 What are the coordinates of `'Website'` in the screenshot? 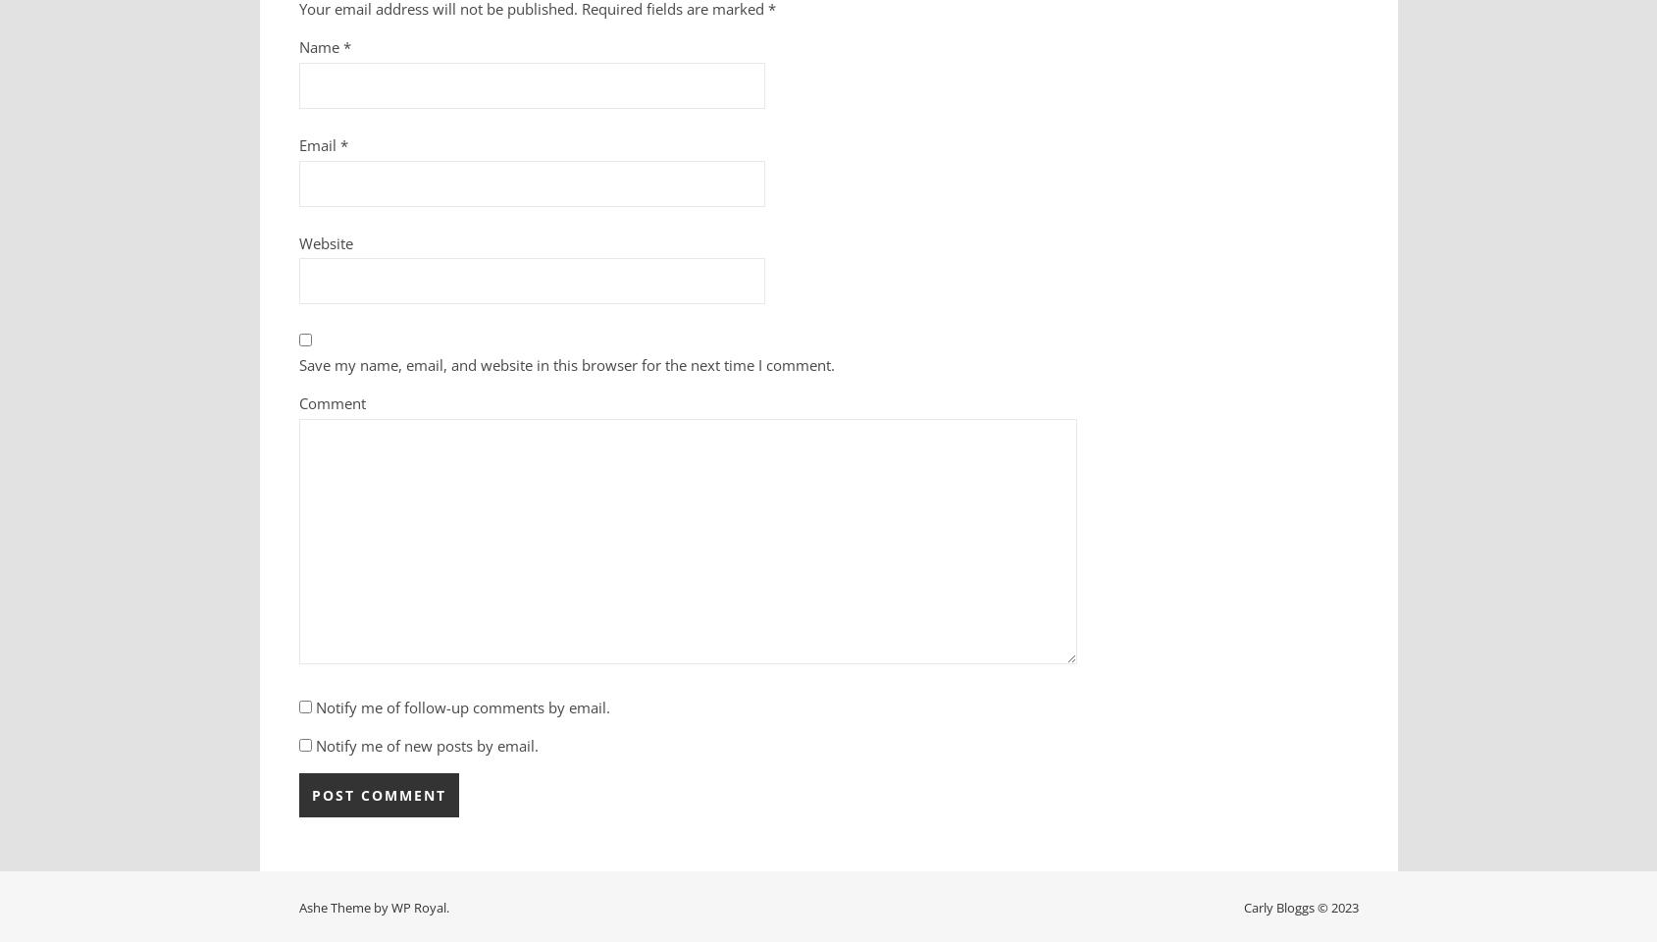 It's located at (325, 241).